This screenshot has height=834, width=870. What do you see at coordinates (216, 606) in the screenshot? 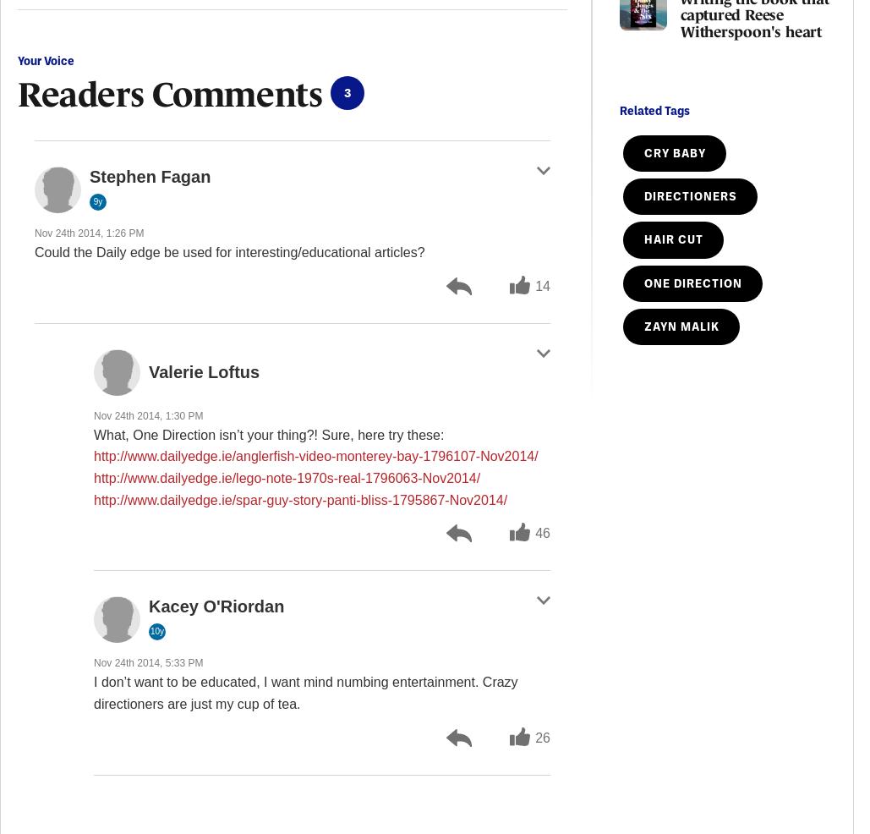
I see `'Kacey O'Riordan'` at bounding box center [216, 606].